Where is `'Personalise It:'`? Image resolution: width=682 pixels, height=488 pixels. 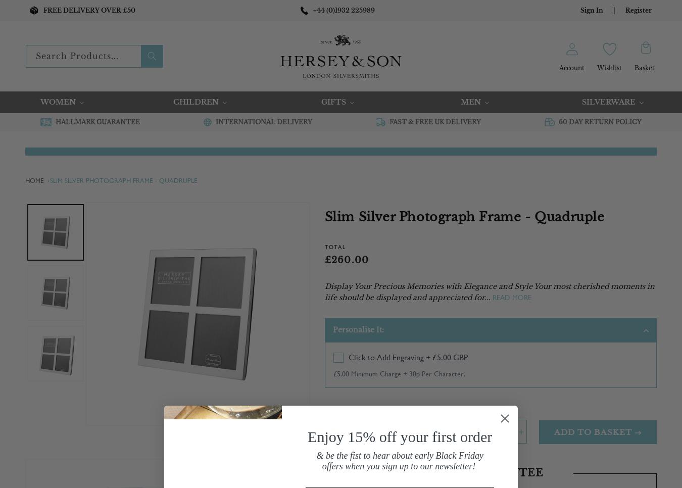 'Personalise It:' is located at coordinates (332, 328).